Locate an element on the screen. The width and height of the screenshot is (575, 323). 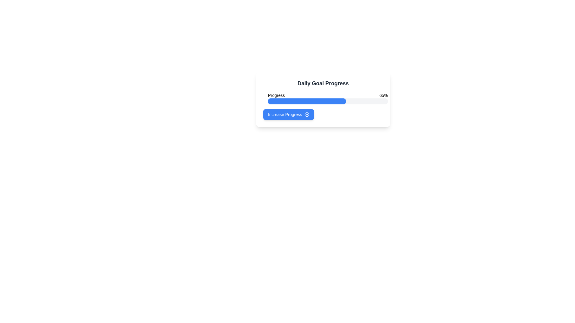
the Text Label that provides a description related to the progress tracking feature to check for a tooltip is located at coordinates (323, 83).